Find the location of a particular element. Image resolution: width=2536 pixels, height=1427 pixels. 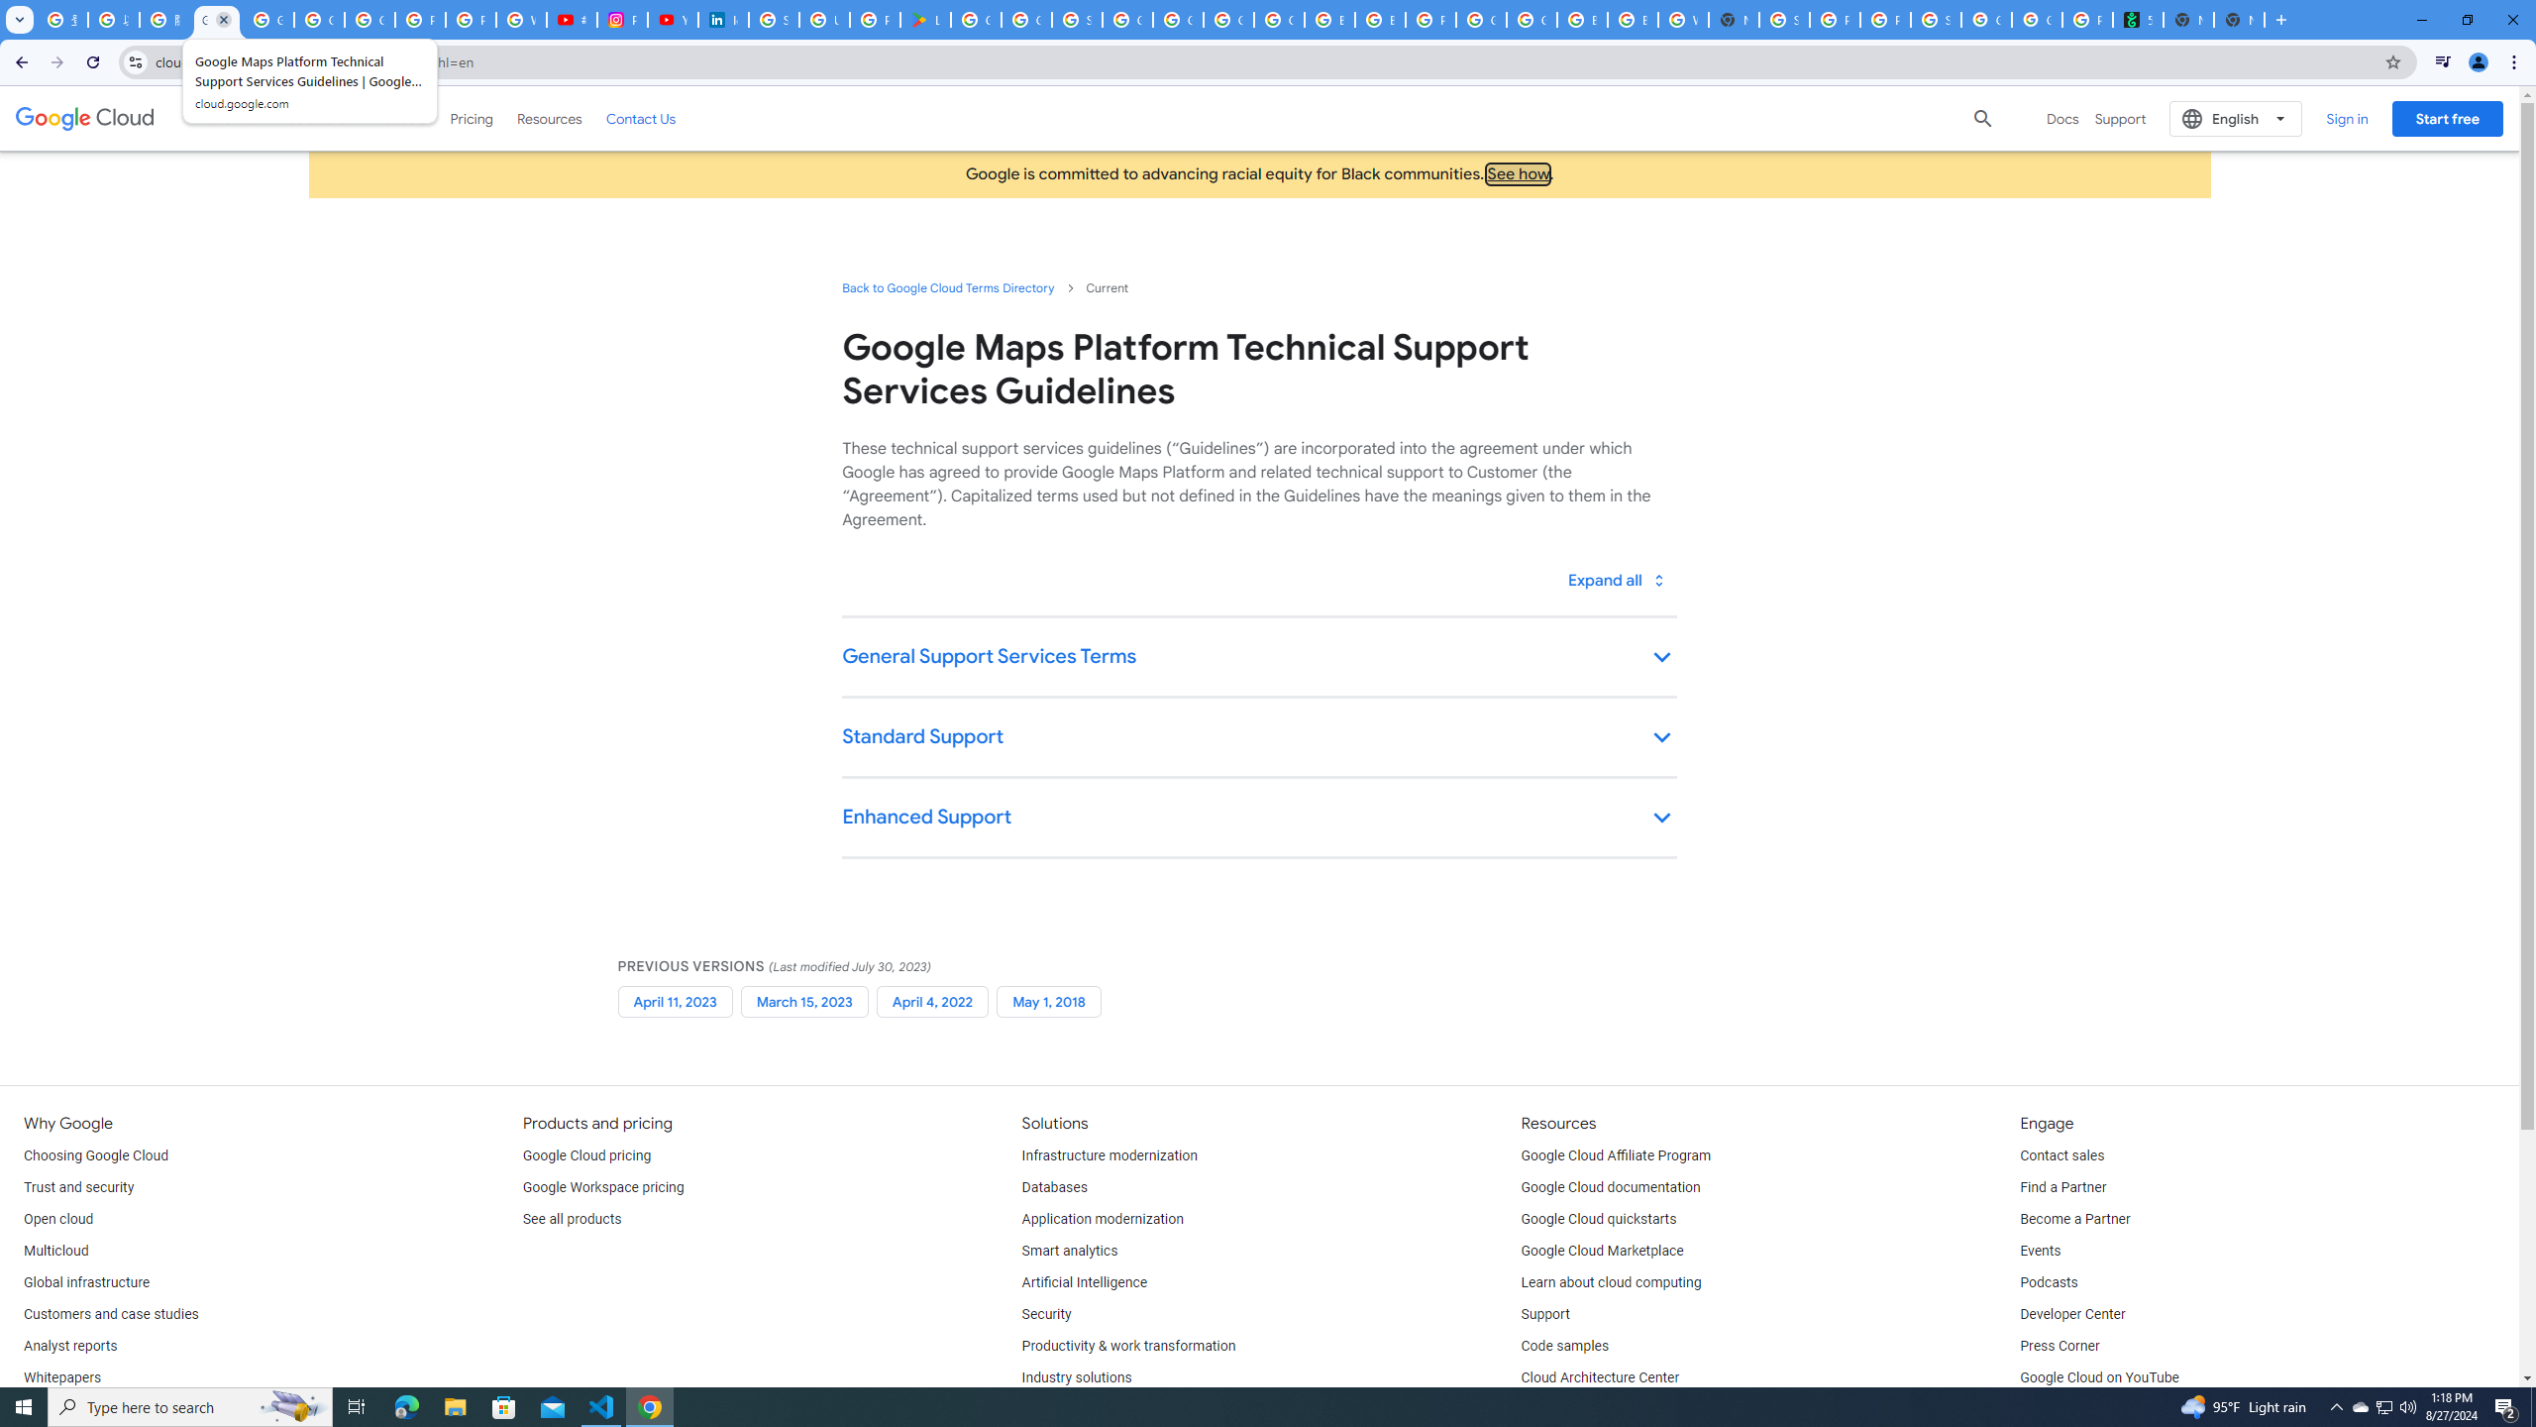

'Docs' is located at coordinates (2062, 117).